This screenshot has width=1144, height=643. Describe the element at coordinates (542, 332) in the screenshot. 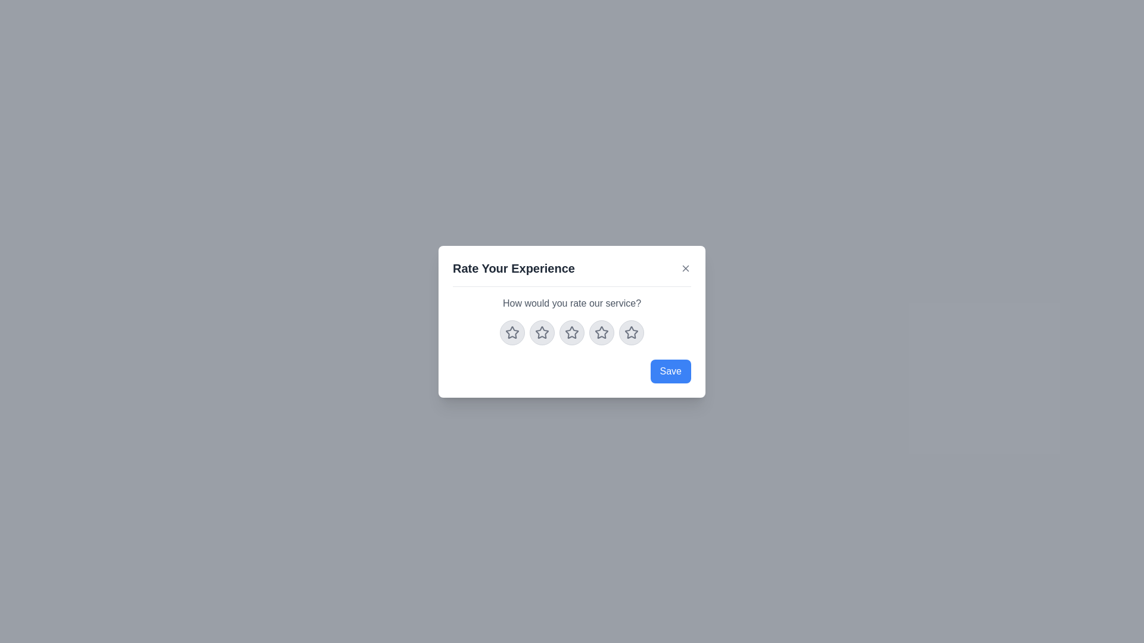

I see `the star corresponding to the rating 2` at that location.